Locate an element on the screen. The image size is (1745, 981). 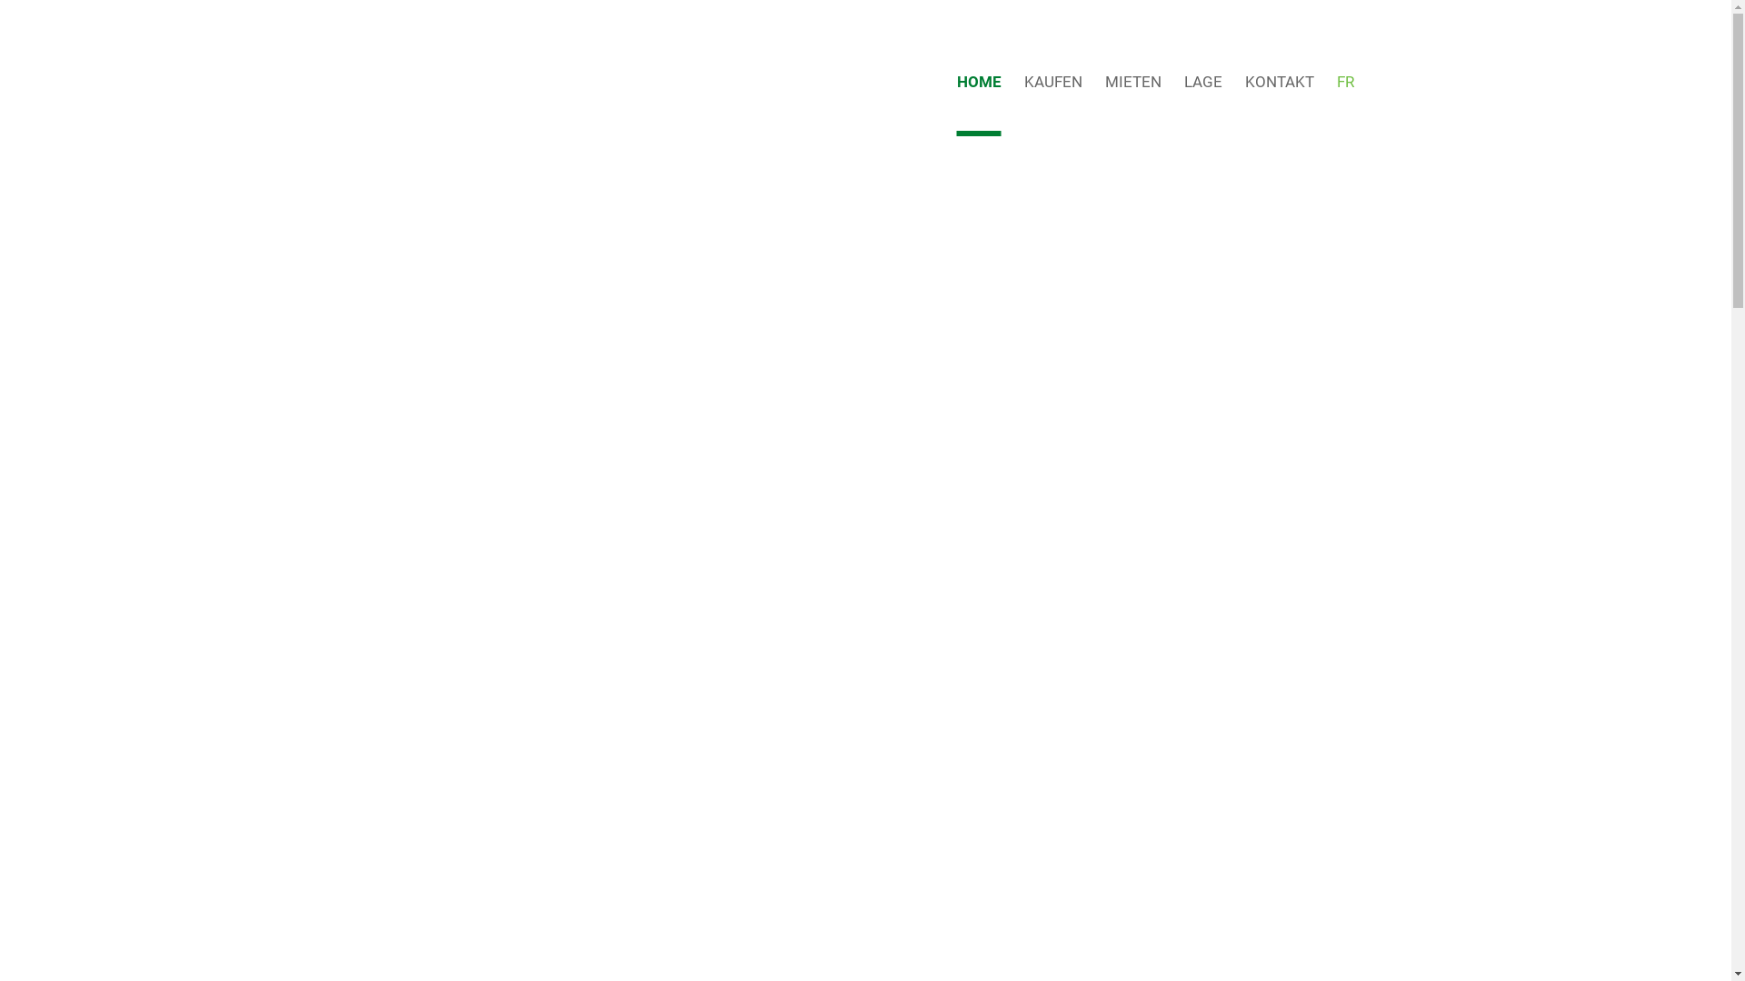
'KONTAKT' is located at coordinates (1278, 80).